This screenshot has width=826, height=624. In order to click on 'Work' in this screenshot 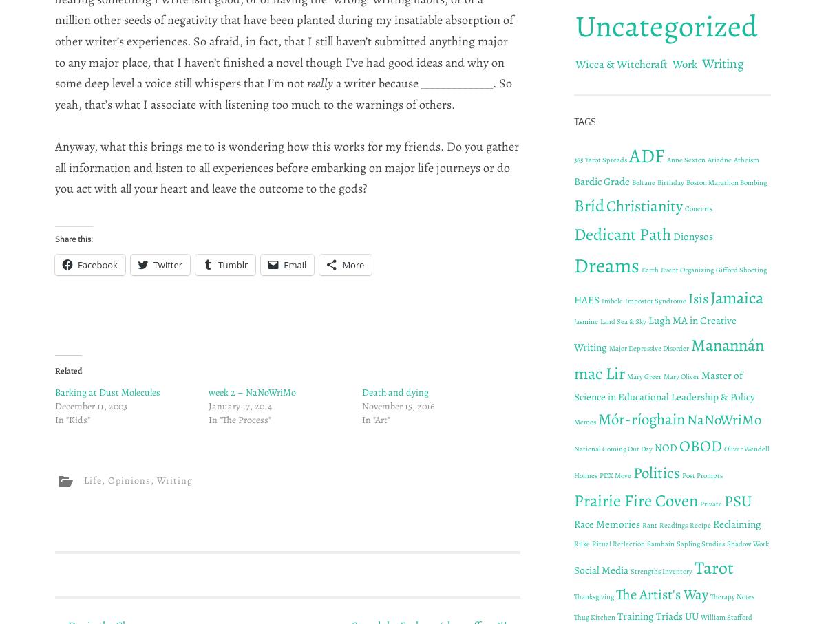, I will do `click(685, 63)`.